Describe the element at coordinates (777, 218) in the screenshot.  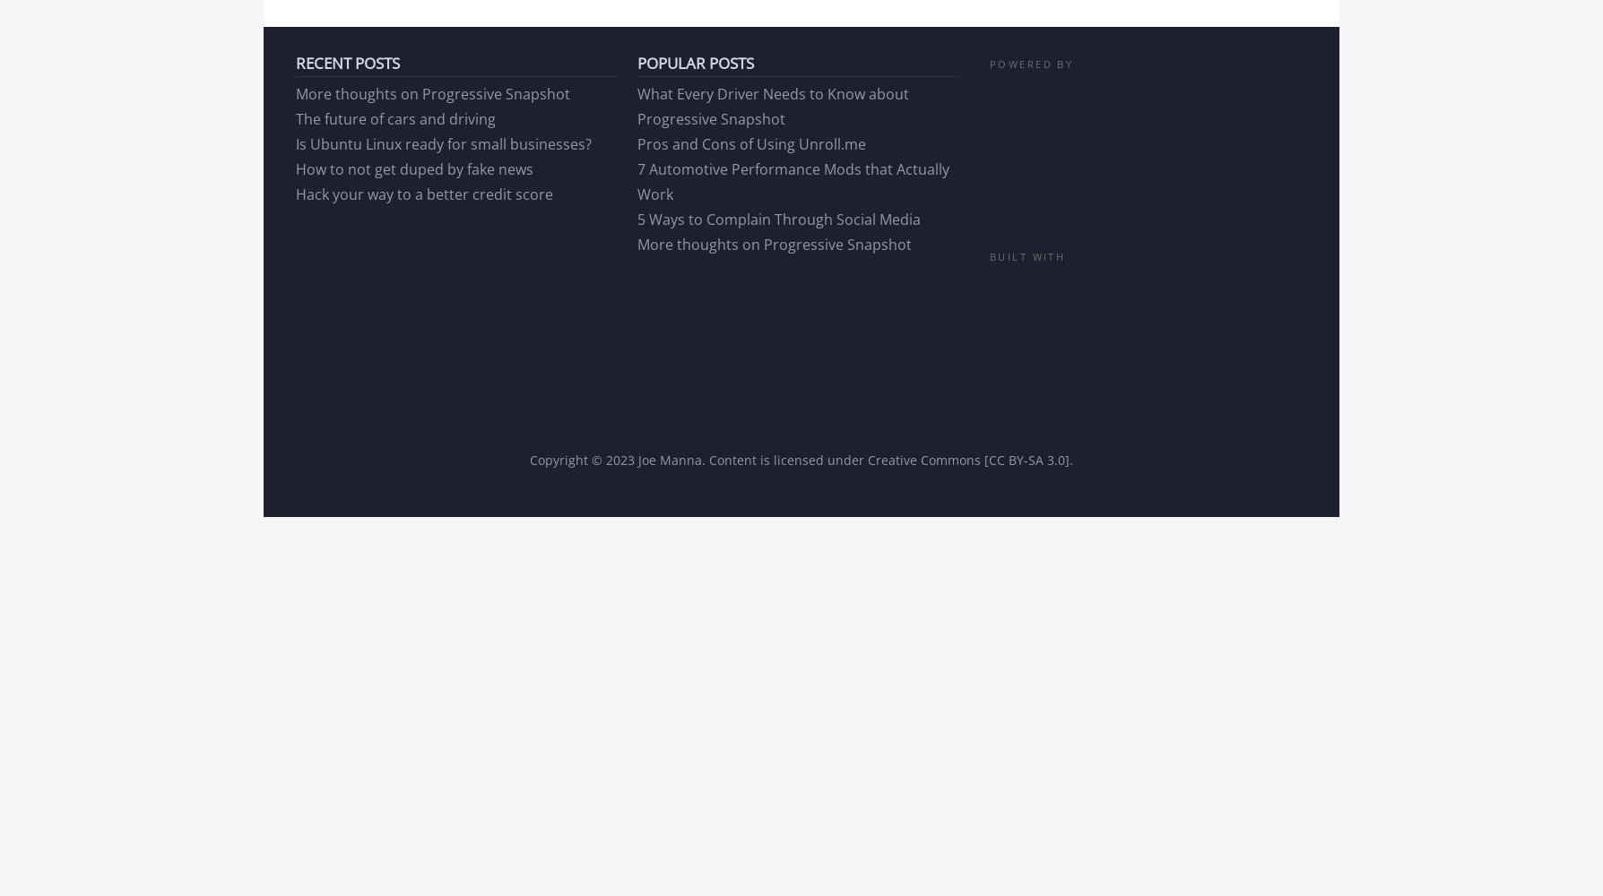
I see `'5 Ways to Complain Through Social Media'` at that location.